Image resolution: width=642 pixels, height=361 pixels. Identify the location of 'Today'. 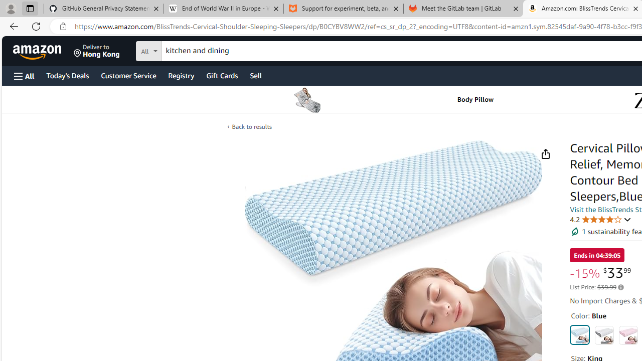
(67, 75).